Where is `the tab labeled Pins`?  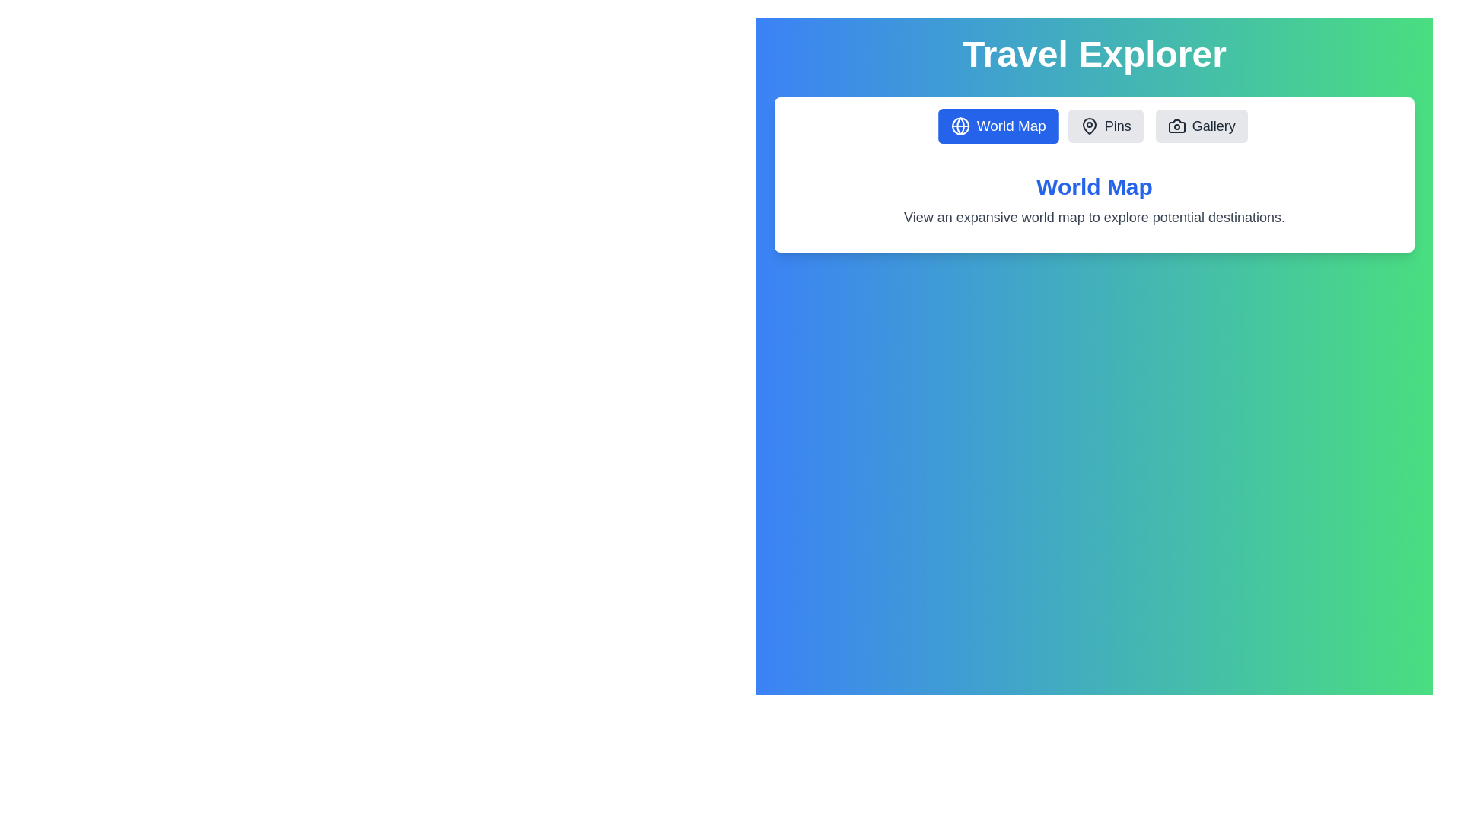
the tab labeled Pins is located at coordinates (1106, 125).